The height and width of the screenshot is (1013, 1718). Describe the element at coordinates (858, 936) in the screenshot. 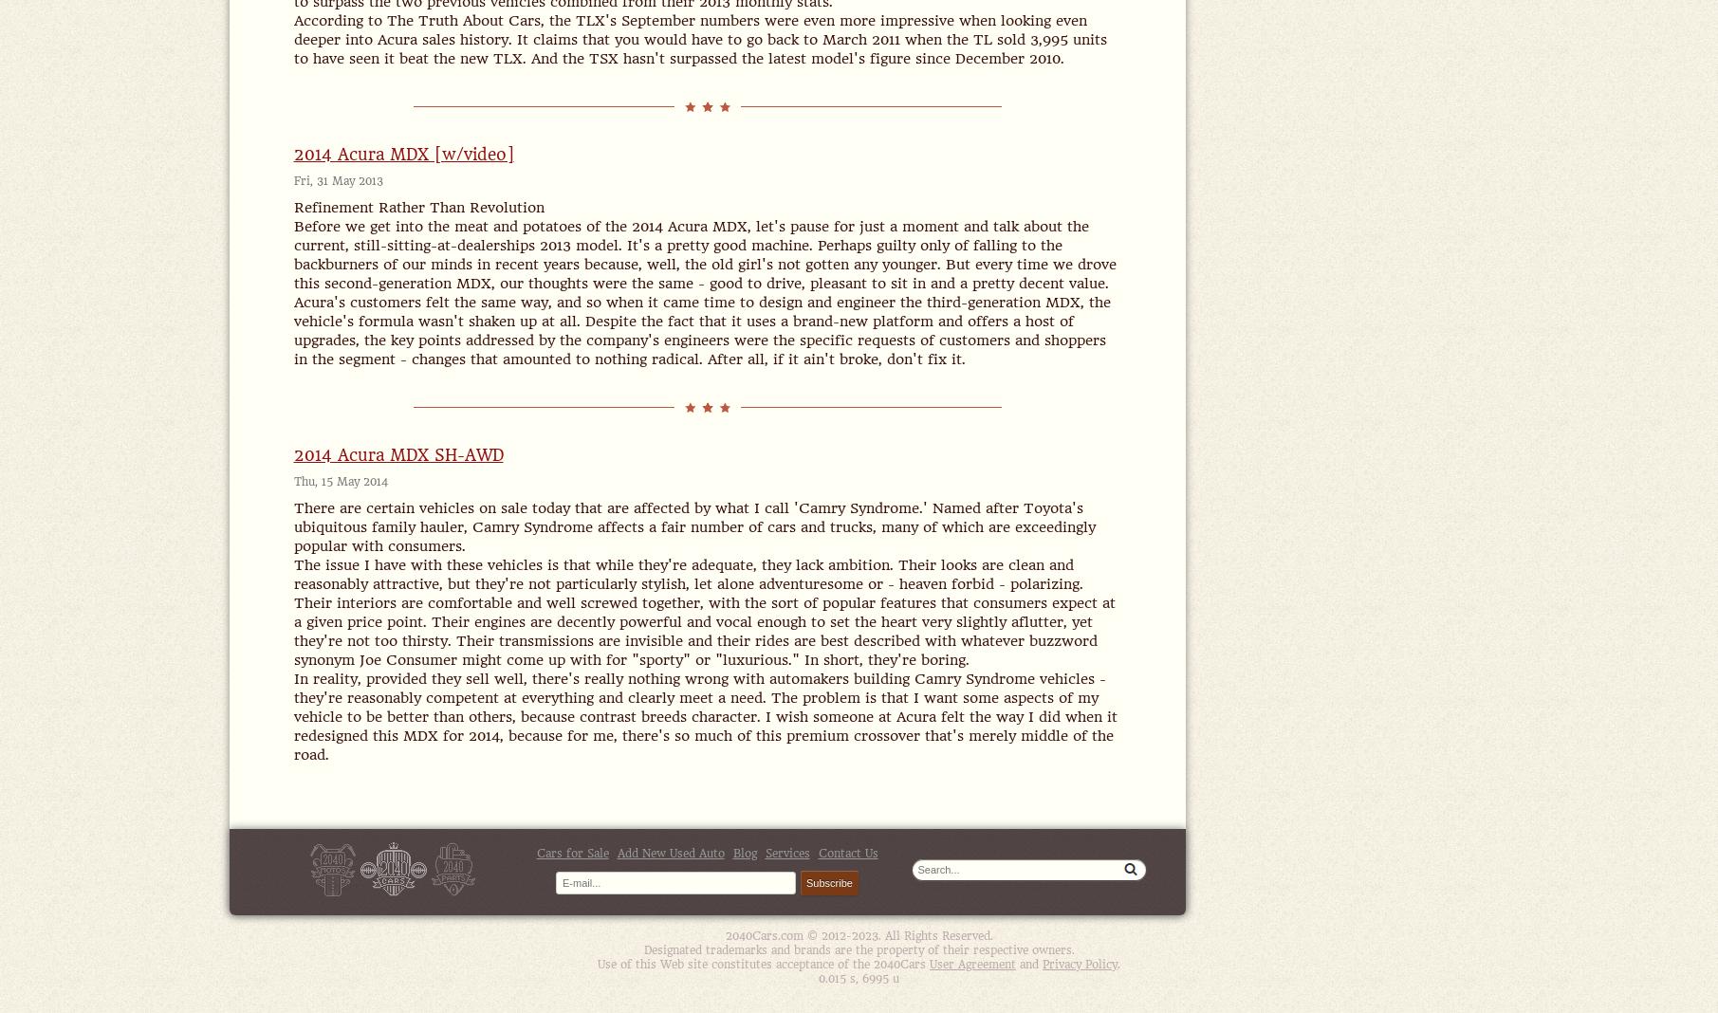

I see `'2040Cars.com © 2012-2023. All Rights Reserved.'` at that location.